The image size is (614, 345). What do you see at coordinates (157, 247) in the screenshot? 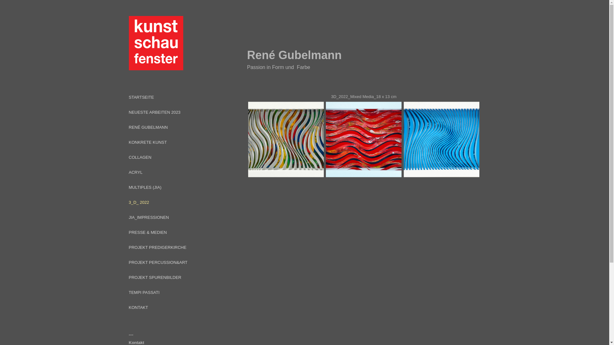
I see `'PROJEKT PREDIGERKIRCHE'` at bounding box center [157, 247].